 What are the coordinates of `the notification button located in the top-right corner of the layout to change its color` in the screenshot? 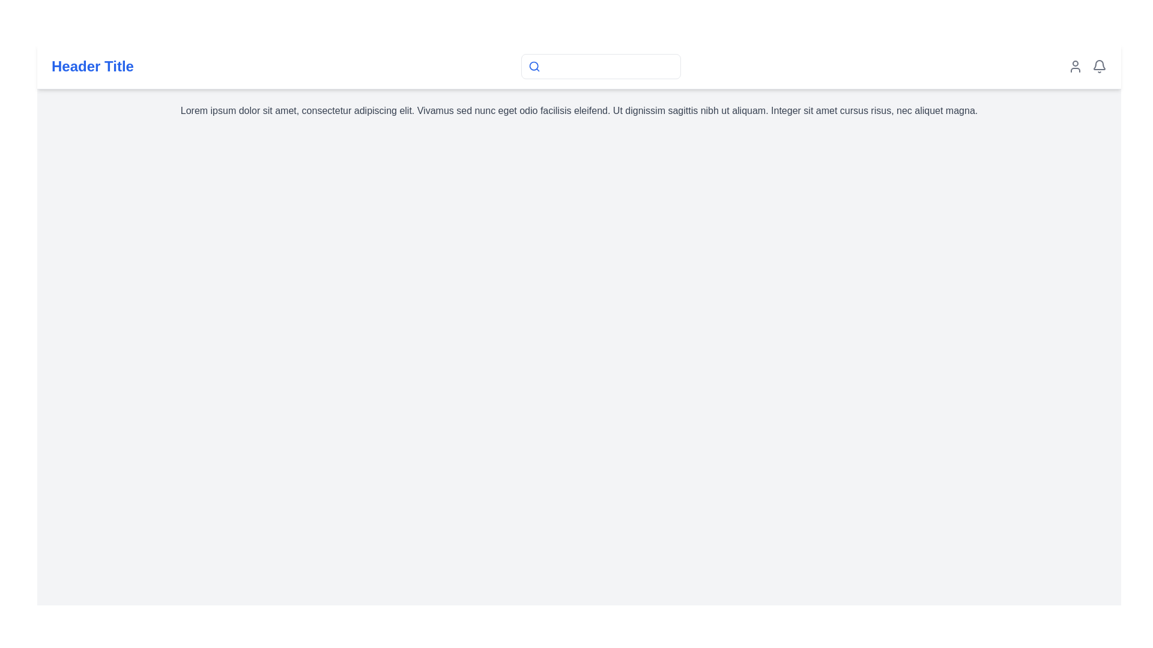 It's located at (1099, 67).